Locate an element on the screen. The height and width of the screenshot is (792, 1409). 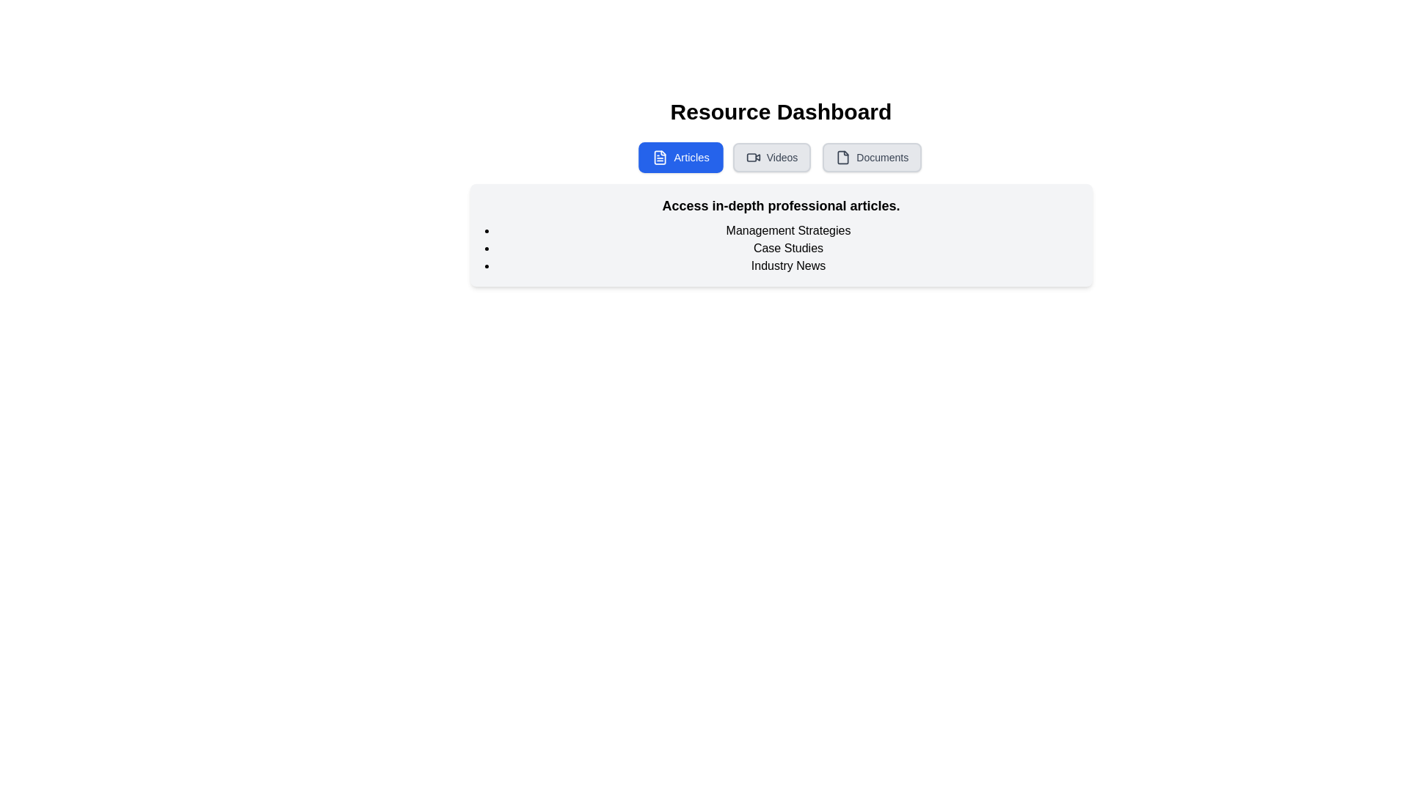
the graphical icon that enhances the 'Articles' tab button located in the top-left section of the interface is located at coordinates (659, 158).